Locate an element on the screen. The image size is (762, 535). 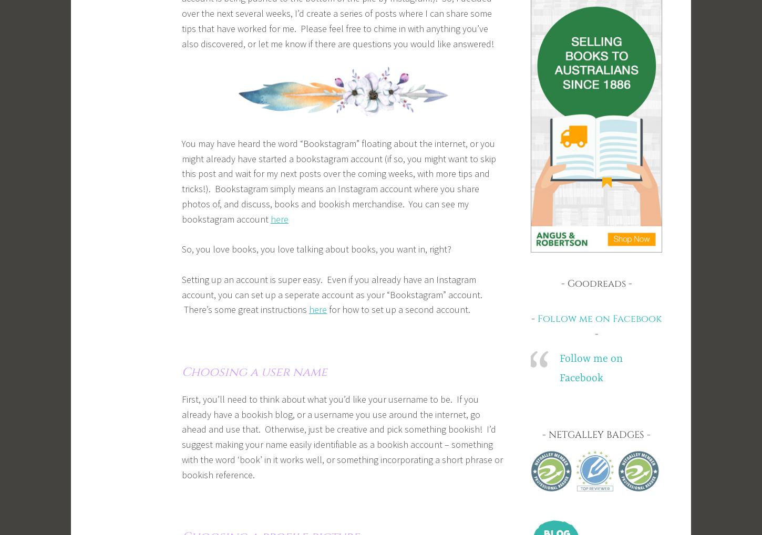
'So, you love books, you love talking about books, you want in, right?' is located at coordinates (316, 248).